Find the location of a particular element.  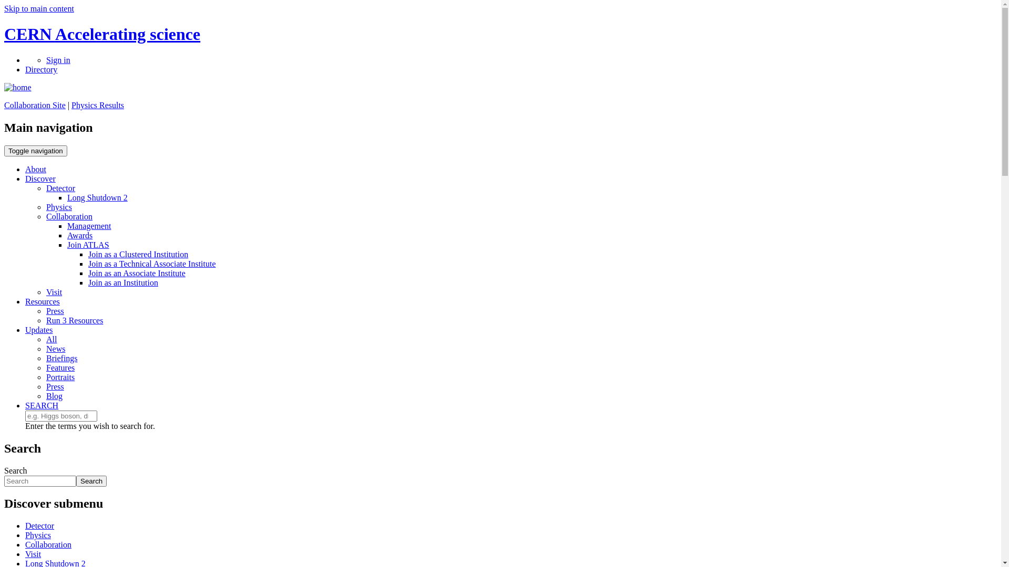

'Detector' is located at coordinates (39, 526).